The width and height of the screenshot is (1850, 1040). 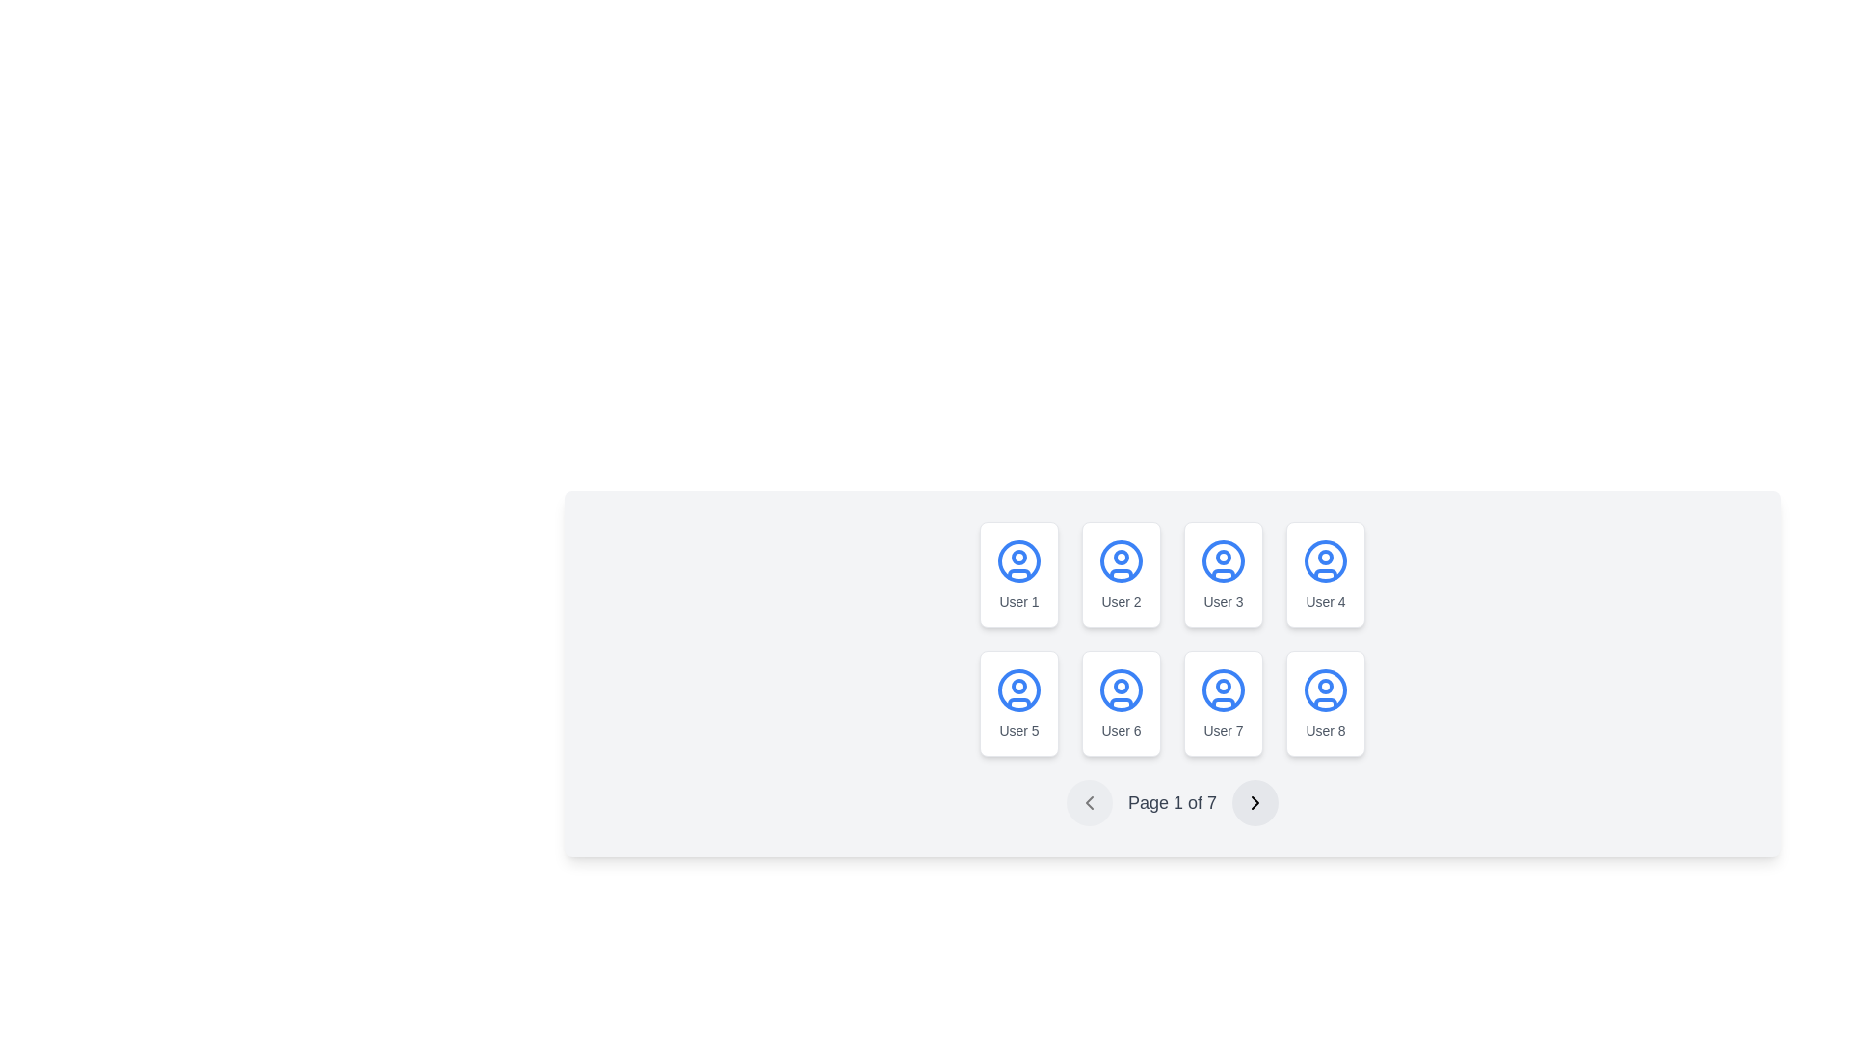 What do you see at coordinates (1223, 689) in the screenshot?
I see `the decorative circular border of the user profile icon in the 'User 7' card located in the second row, third column of the user grid` at bounding box center [1223, 689].